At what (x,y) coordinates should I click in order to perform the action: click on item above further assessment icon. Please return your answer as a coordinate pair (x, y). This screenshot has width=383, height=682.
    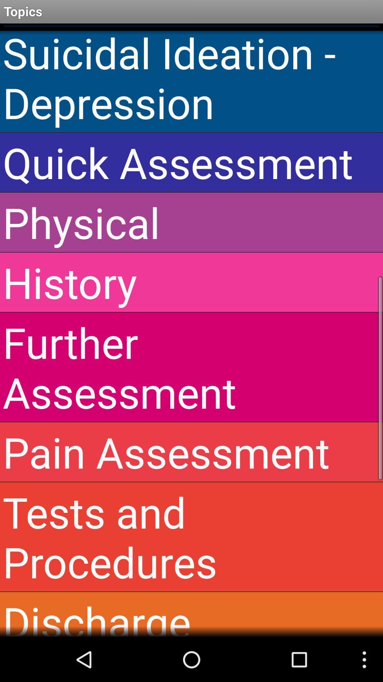
    Looking at the image, I should click on (191, 282).